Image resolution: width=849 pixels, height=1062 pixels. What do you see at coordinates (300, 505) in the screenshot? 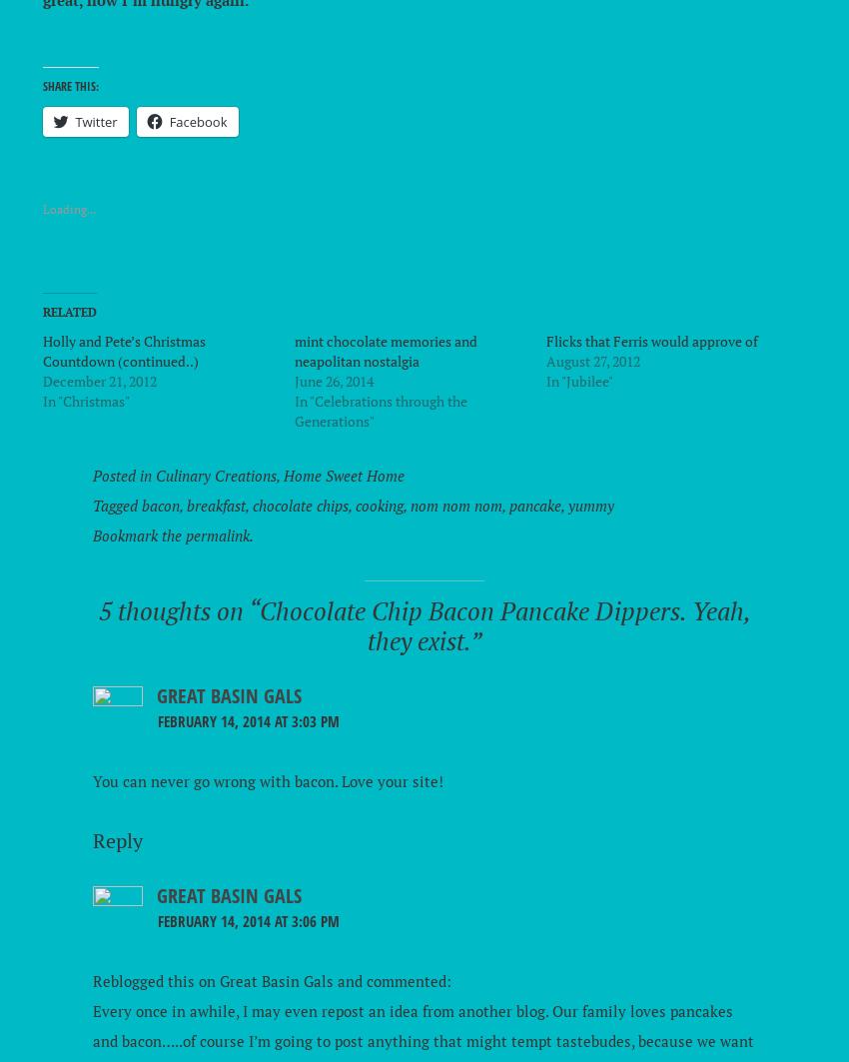
I see `'chocolate chips'` at bounding box center [300, 505].